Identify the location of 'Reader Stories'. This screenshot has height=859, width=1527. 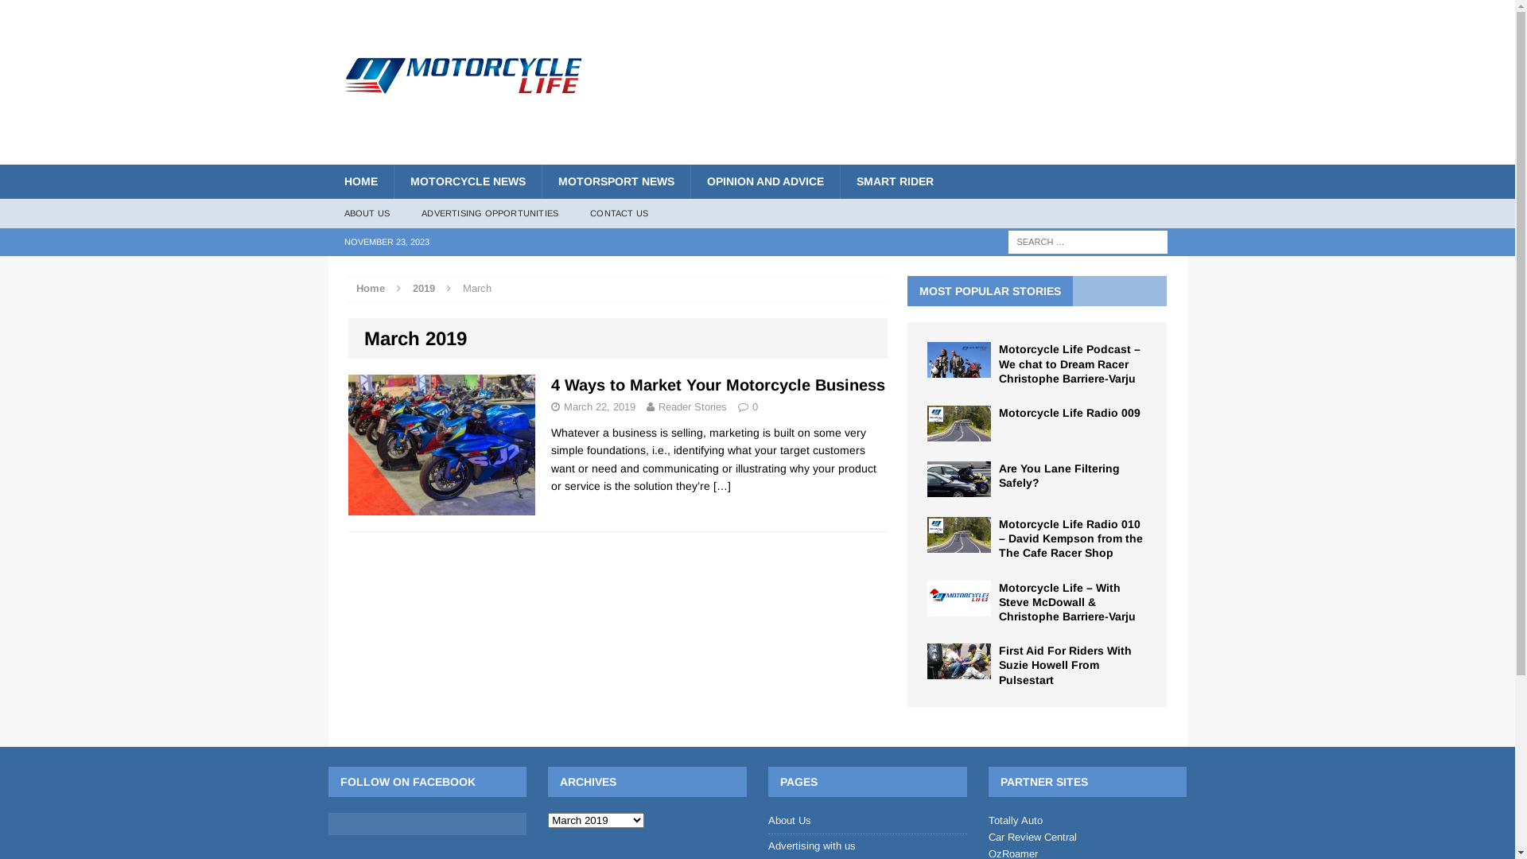
(692, 406).